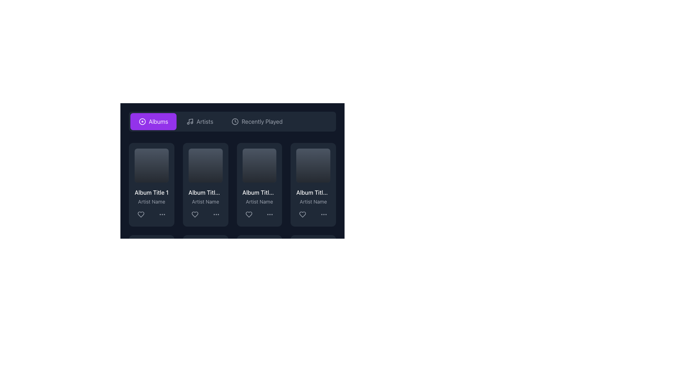 The image size is (682, 383). Describe the element at coordinates (249, 214) in the screenshot. I see `the heart icon in the circular button located at the bottom of the third card in the album collection` at that location.